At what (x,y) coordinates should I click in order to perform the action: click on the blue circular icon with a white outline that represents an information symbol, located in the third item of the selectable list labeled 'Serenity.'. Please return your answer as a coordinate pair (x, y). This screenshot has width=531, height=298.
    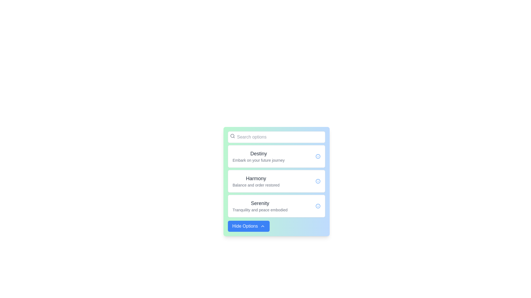
    Looking at the image, I should click on (318, 206).